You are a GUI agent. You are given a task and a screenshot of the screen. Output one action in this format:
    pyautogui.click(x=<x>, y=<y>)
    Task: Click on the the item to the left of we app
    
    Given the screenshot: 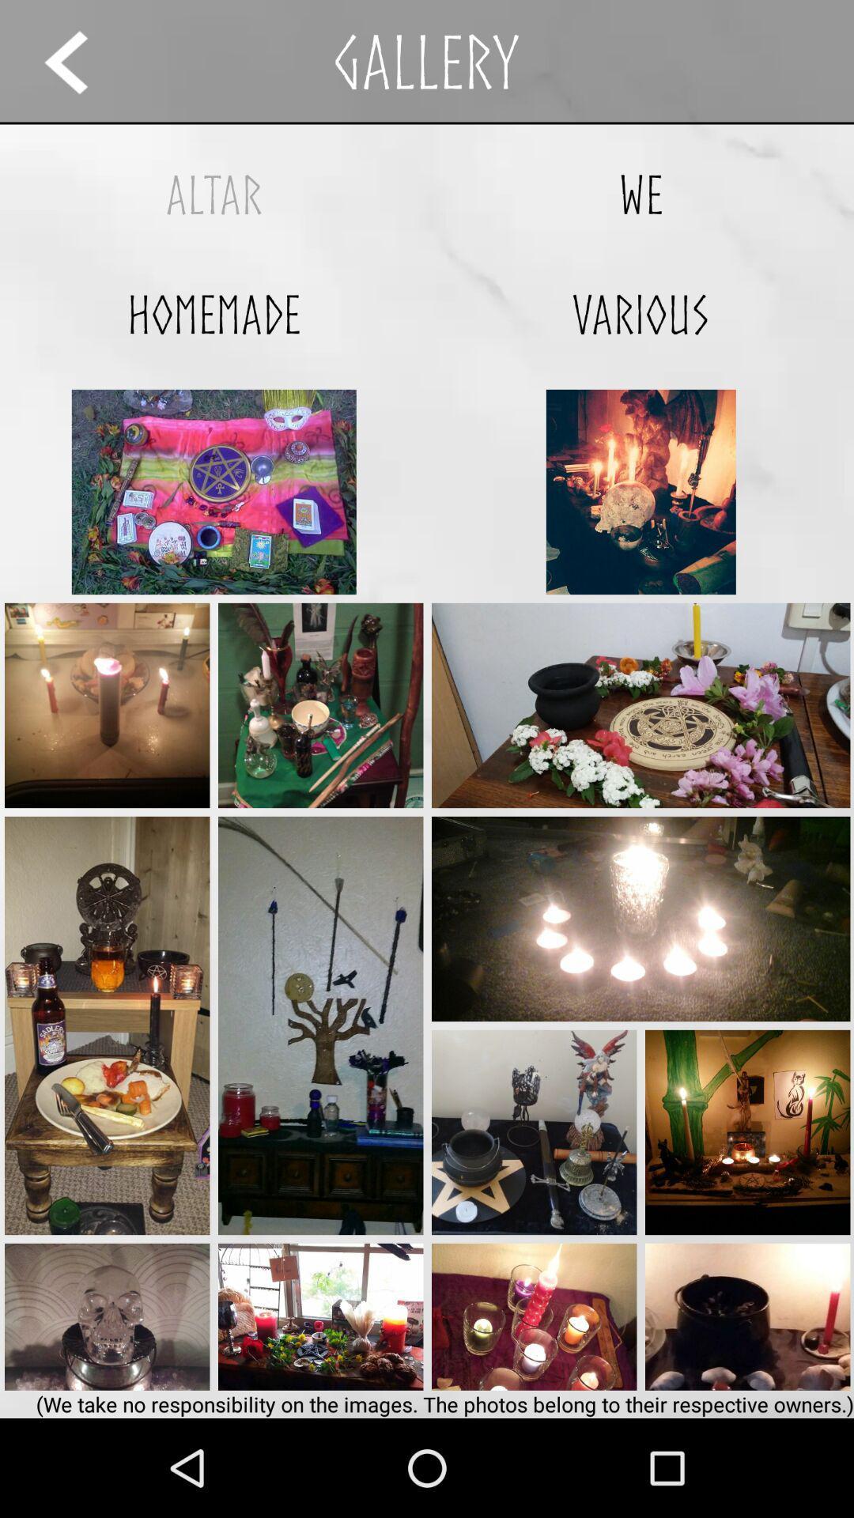 What is the action you would take?
    pyautogui.click(x=213, y=194)
    